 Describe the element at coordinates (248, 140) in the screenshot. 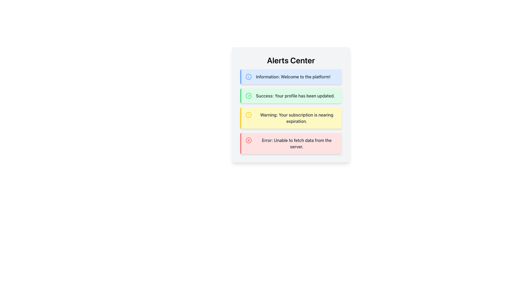

I see `the red circular icon with a cross inside it, which is located on the left side of the last alert box displaying the error message 'Error: Unable to fetch data from the server.'` at that location.